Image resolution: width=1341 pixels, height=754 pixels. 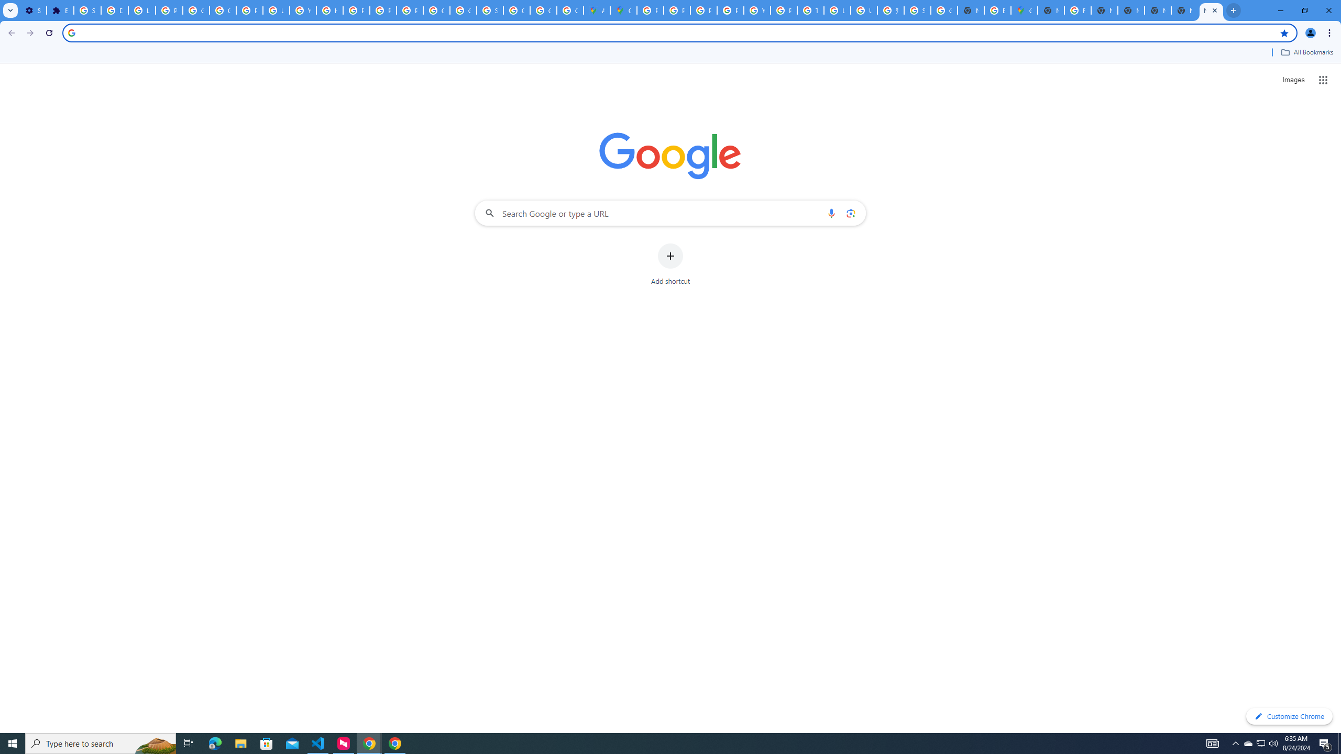 What do you see at coordinates (623, 10) in the screenshot?
I see `'Google Maps'` at bounding box center [623, 10].